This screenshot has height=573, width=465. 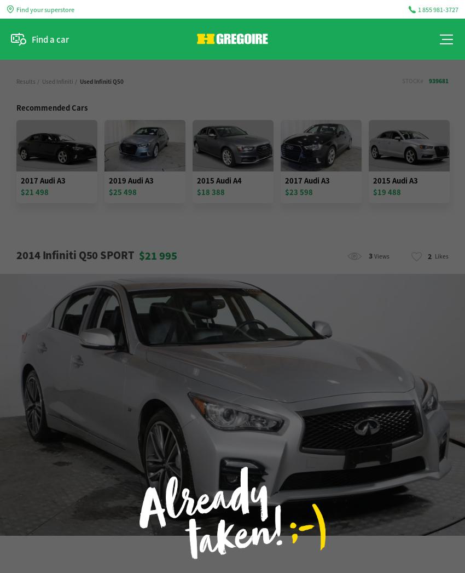 What do you see at coordinates (196, 191) in the screenshot?
I see `'$18 388'` at bounding box center [196, 191].